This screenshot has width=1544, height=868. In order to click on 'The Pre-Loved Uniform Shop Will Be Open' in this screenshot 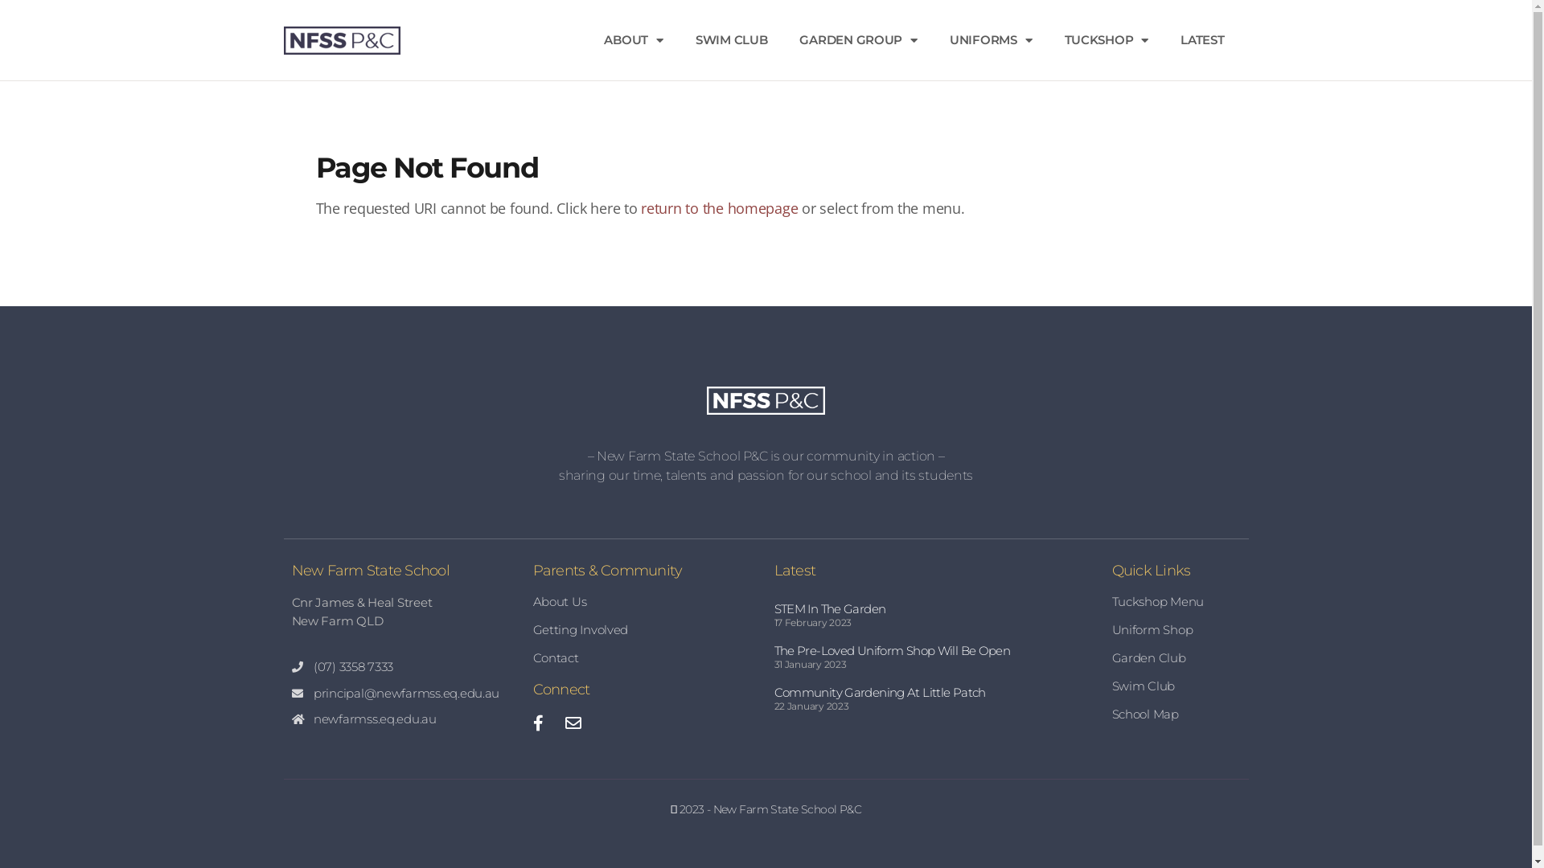, I will do `click(890, 649)`.